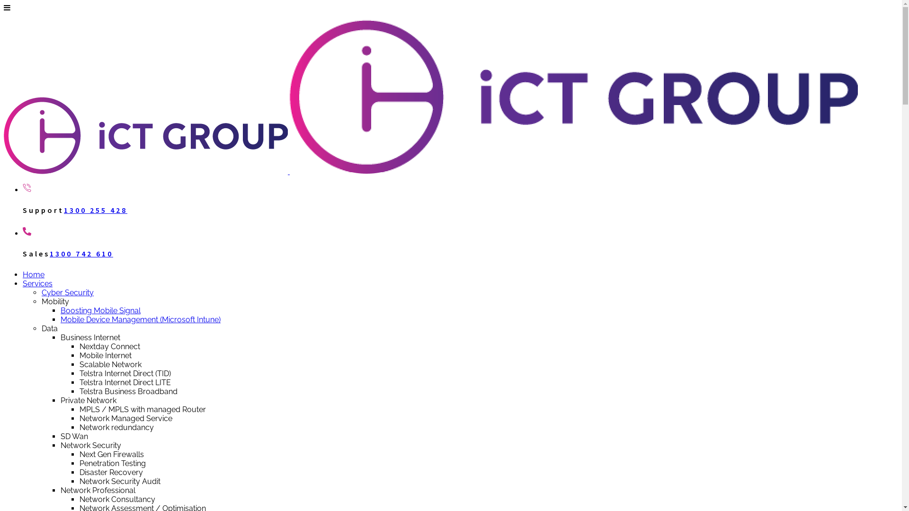 This screenshot has height=511, width=909. Describe the element at coordinates (128, 391) in the screenshot. I see `'Telstra Business Broadband'` at that location.